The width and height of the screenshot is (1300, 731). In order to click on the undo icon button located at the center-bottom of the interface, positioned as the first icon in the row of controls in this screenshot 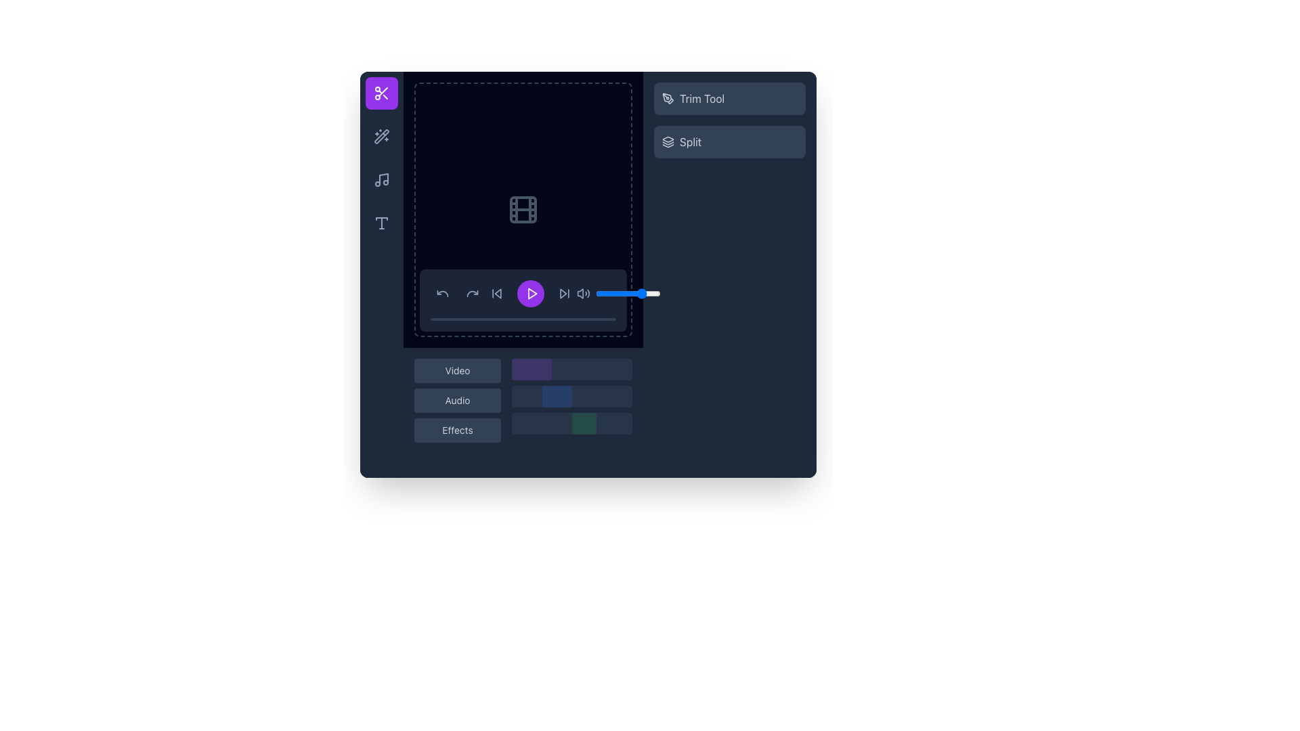, I will do `click(442, 293)`.